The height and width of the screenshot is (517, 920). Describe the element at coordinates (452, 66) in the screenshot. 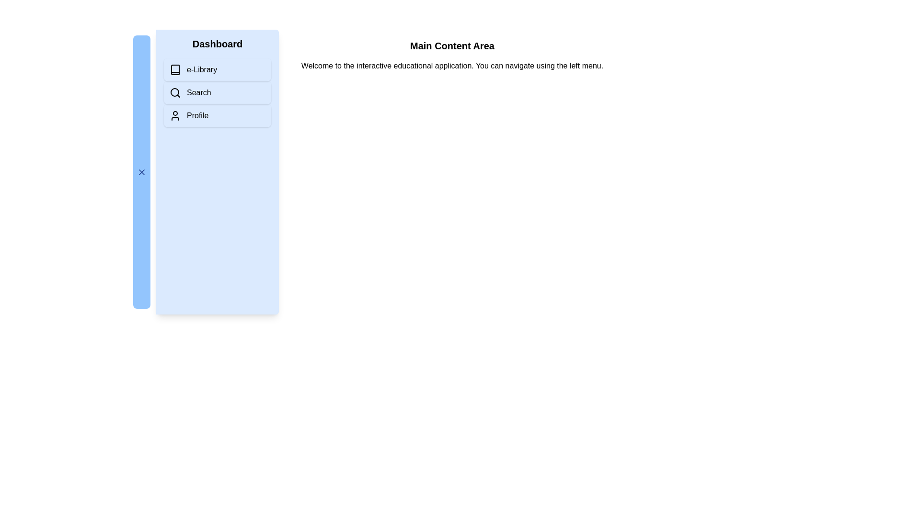

I see `the static text displaying the message: 'Welcome to the interactive educational application. You can navigate using the left menu.' located beneath the heading 'Main Content Area'` at that location.